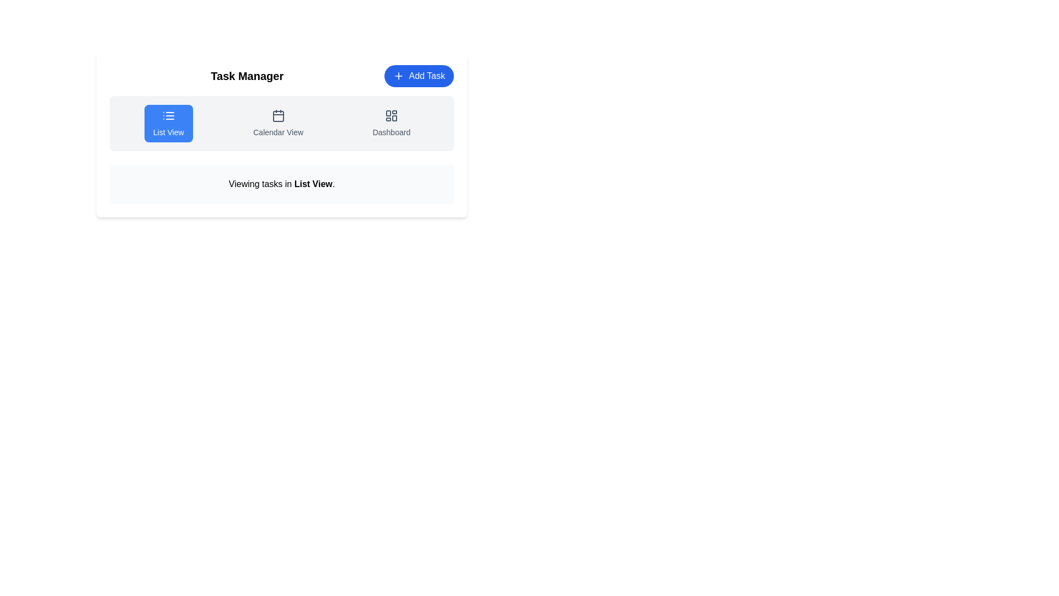 The width and height of the screenshot is (1059, 596). I want to click on text label located at the bottom of the first blue button, which describes the action or view mode represented by the button's icon, so click(168, 131).